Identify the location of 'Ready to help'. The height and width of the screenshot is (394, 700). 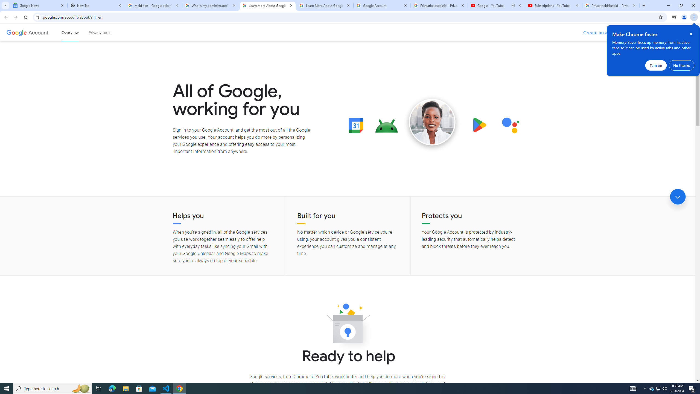
(348, 325).